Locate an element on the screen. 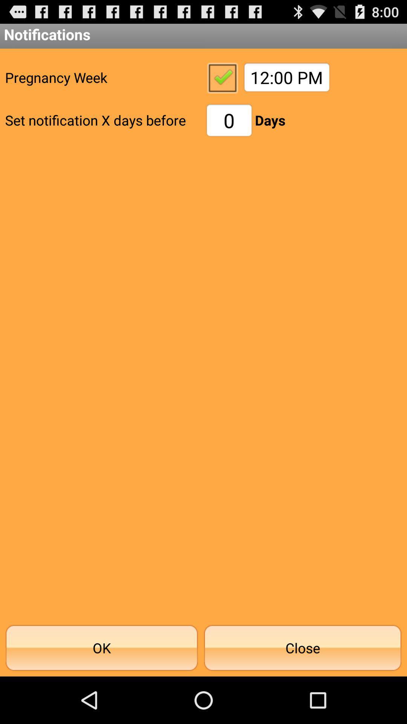  the icon next to set notification x icon is located at coordinates (229, 120).